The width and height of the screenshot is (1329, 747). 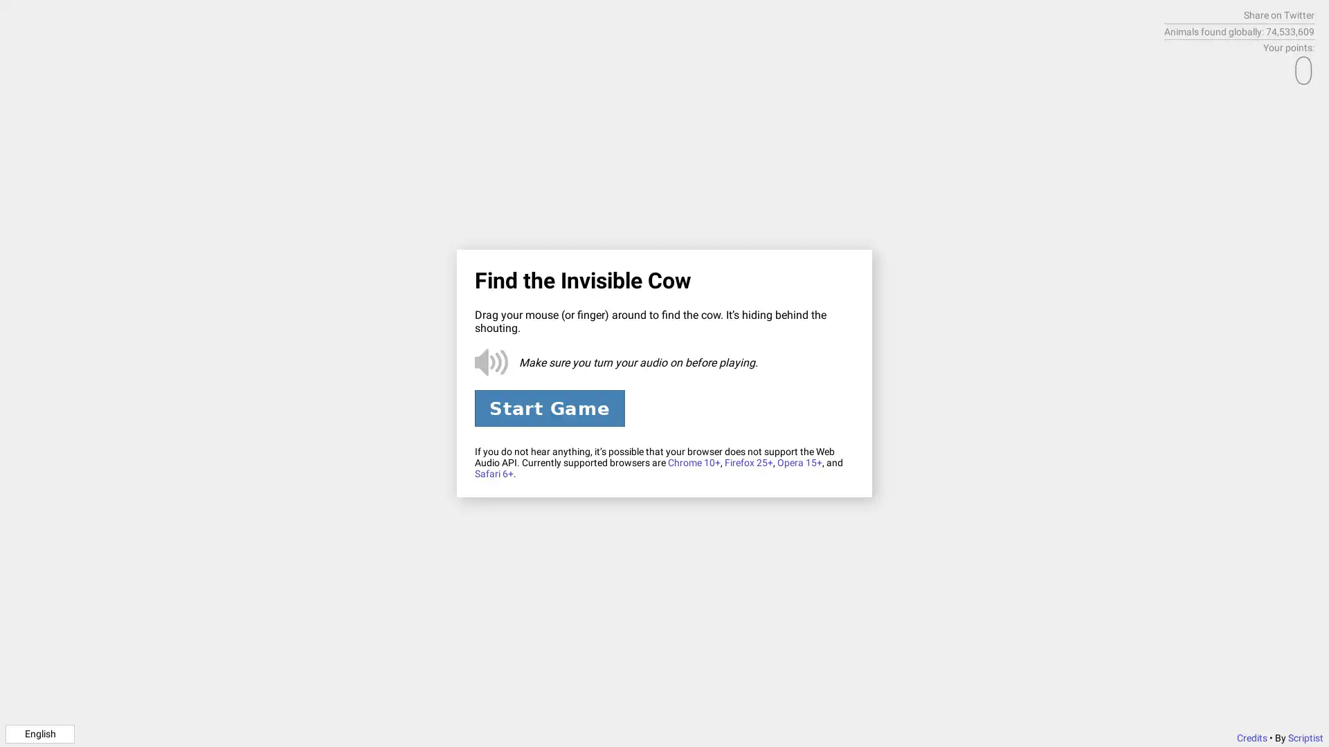 What do you see at coordinates (548, 407) in the screenshot?
I see `Start Game` at bounding box center [548, 407].